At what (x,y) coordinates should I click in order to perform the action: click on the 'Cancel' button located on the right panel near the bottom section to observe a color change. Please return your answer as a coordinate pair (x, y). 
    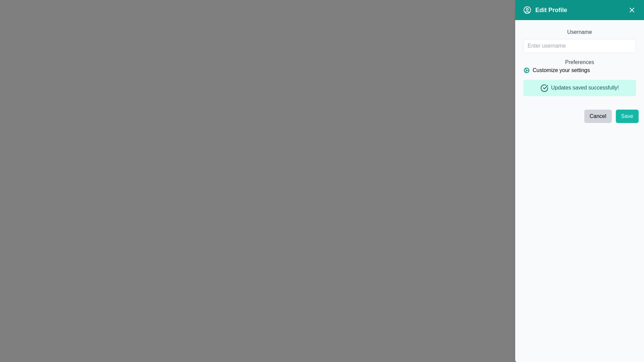
    Looking at the image, I should click on (598, 116).